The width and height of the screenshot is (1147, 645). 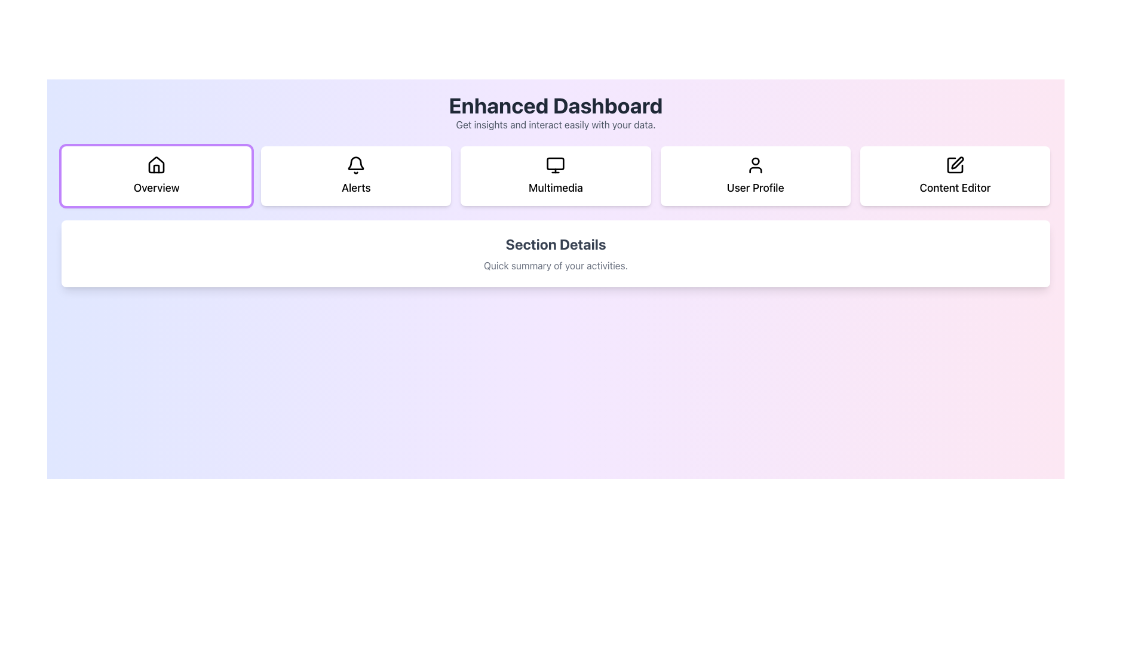 What do you see at coordinates (156, 165) in the screenshot?
I see `the 'Overview' icon located at the top left of the dashboard, which visually indicates the overview functionality of the dashboard` at bounding box center [156, 165].